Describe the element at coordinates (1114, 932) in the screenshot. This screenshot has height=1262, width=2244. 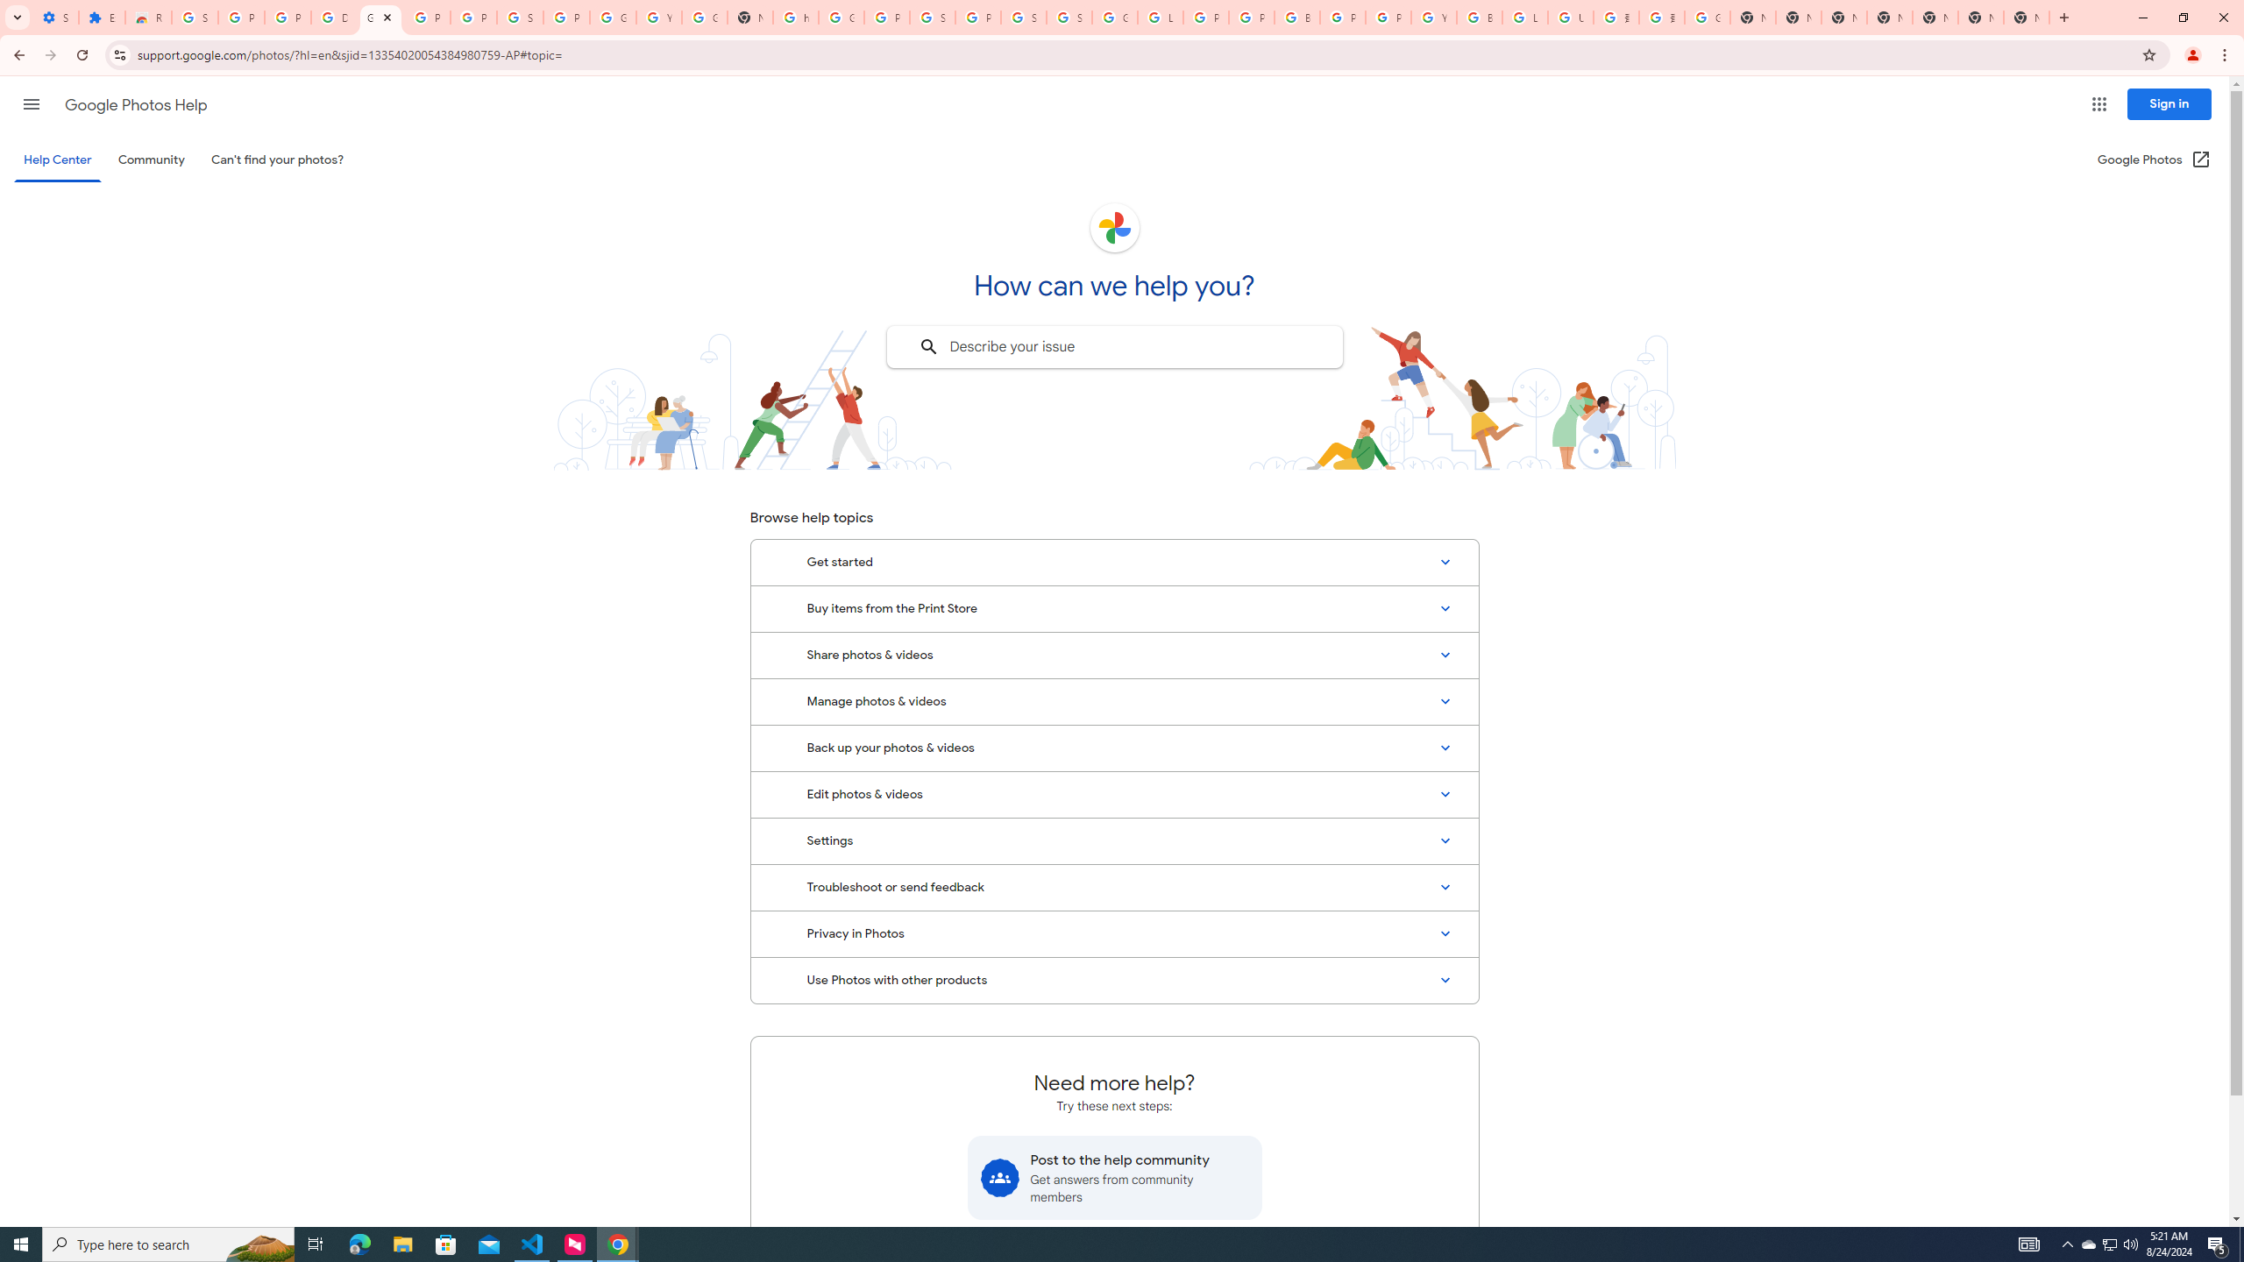
I see `'Privacy in Photos'` at that location.